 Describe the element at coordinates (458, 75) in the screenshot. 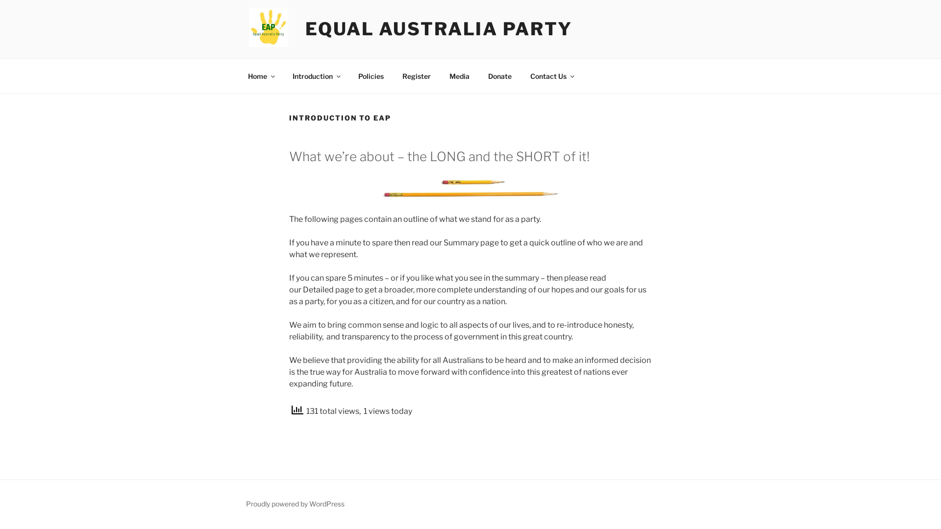

I see `'Media'` at that location.